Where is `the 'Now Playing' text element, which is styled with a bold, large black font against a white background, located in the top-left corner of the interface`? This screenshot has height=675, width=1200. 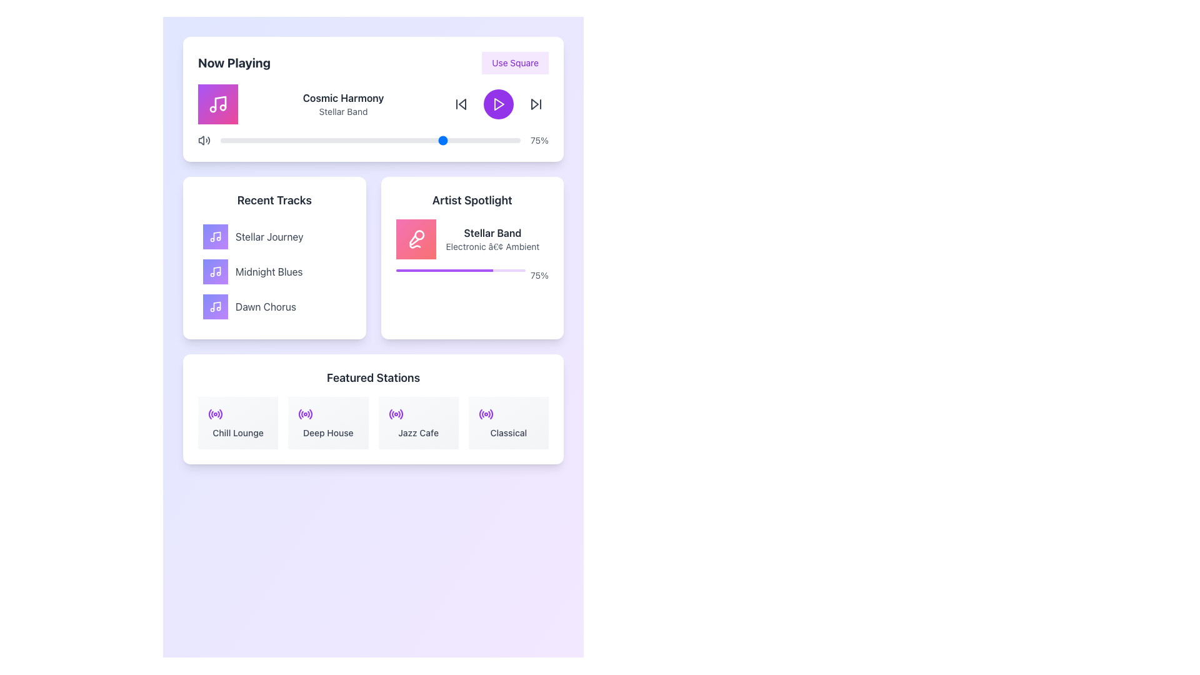 the 'Now Playing' text element, which is styled with a bold, large black font against a white background, located in the top-left corner of the interface is located at coordinates (234, 62).